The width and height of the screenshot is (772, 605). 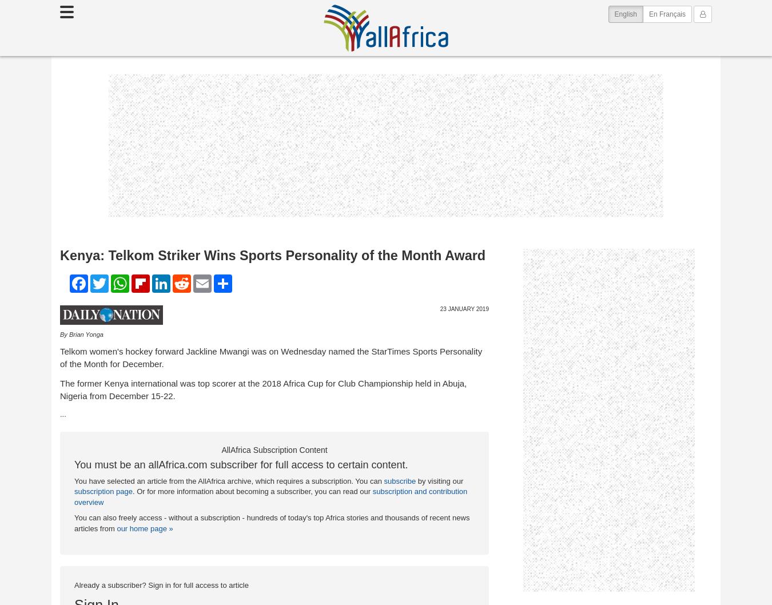 I want to click on 'Telkom women's hockey forward Jackline Mwangi was on Wednesday named the StarTimes Sports Personality of the Month for December.', so click(x=270, y=356).